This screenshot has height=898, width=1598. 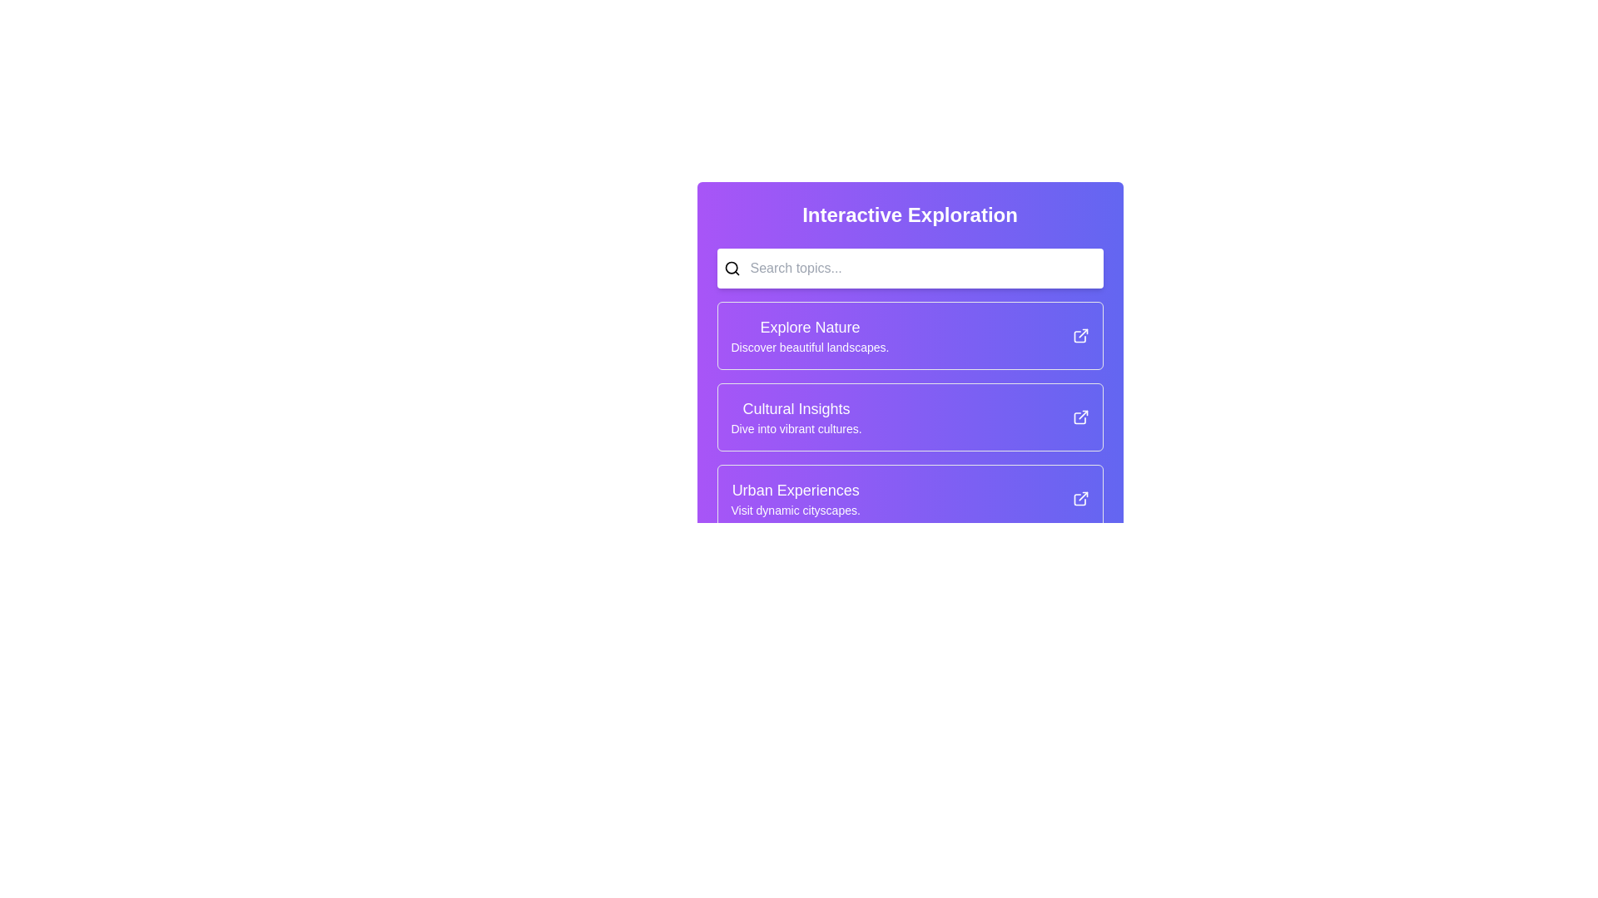 I want to click on the second Informational Card in the 'Interactive Exploration' section, so click(x=909, y=416).